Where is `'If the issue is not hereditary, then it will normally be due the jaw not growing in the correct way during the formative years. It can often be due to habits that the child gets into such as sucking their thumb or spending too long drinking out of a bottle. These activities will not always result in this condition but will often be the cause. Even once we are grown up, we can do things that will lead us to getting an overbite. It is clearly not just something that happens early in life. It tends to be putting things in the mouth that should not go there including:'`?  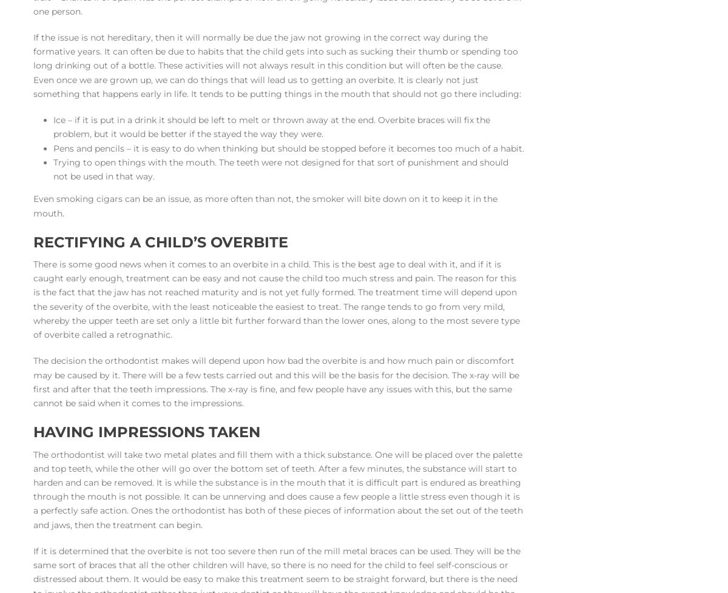
'If the issue is not hereditary, then it will normally be due the jaw not growing in the correct way during the formative years. It can often be due to habits that the child gets into such as sucking their thumb or spending too long drinking out of a bottle. These activities will not always result in this condition but will often be the cause. Even once we are grown up, we can do things that will lead us to getting an overbite. It is clearly not just something that happens early in life. It tends to be putting things in the mouth that should not go there including:' is located at coordinates (276, 65).